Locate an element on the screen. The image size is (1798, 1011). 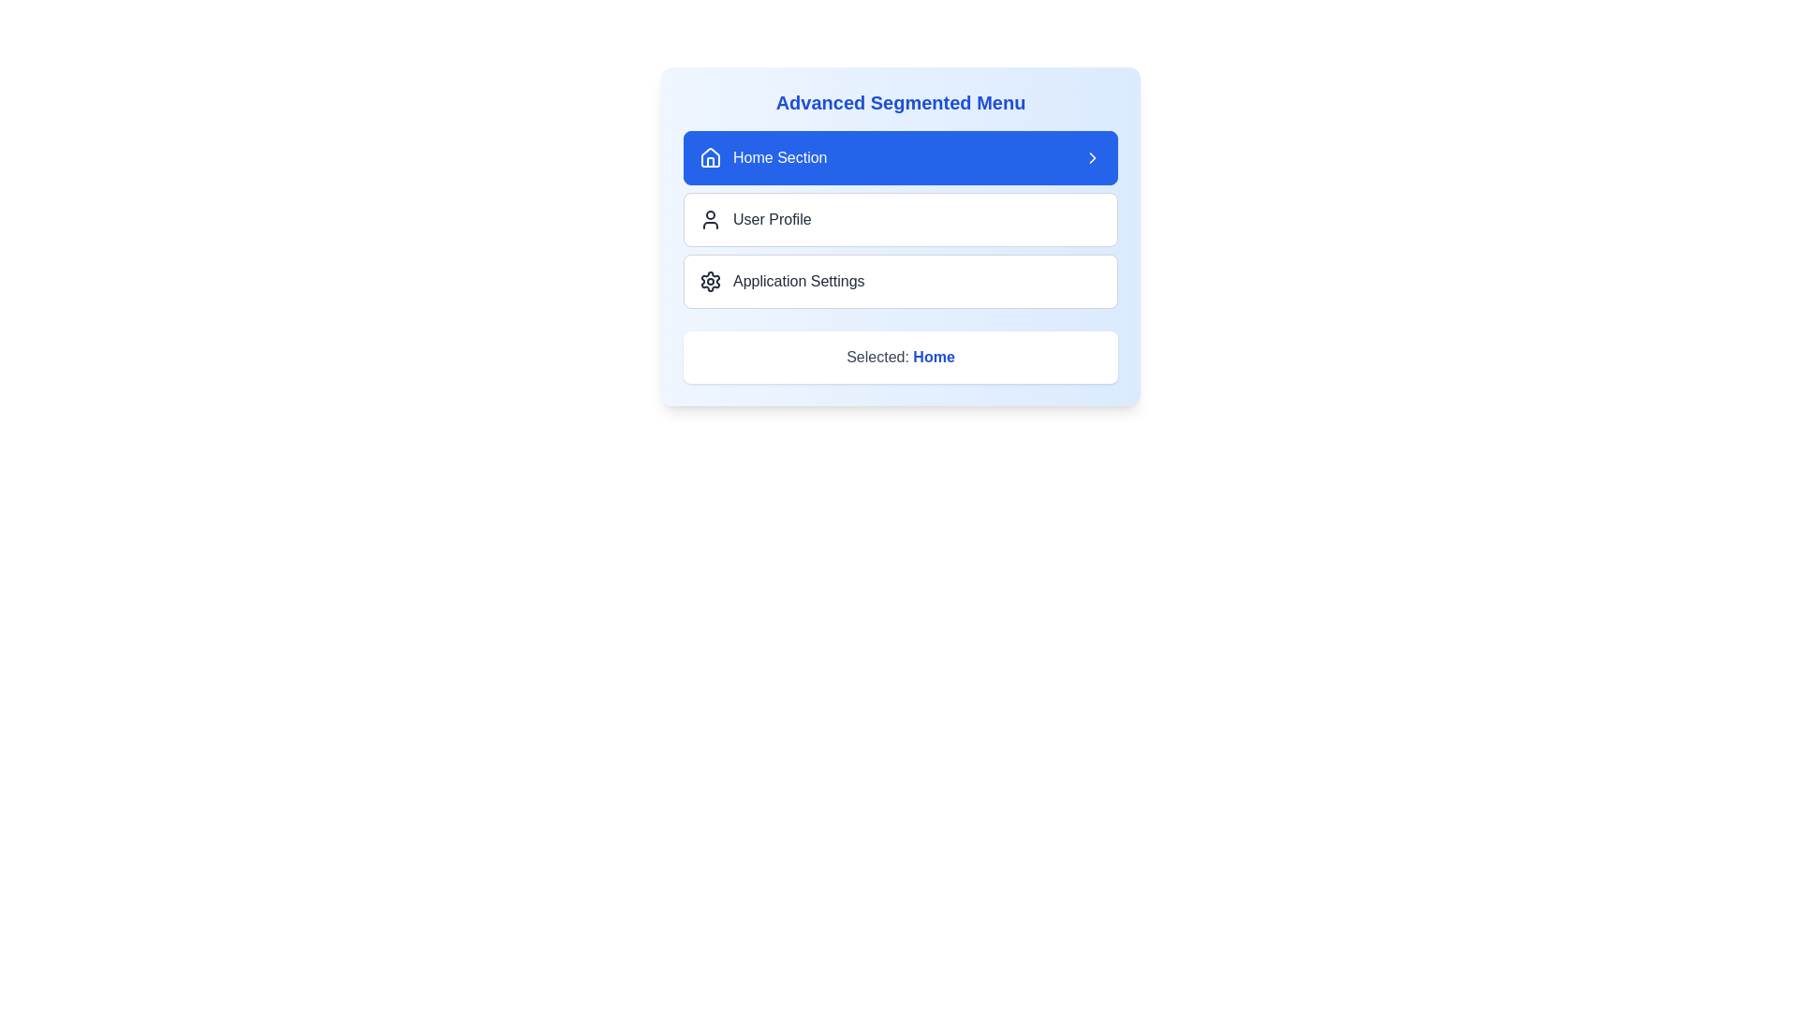
the third button labeled 'Application Settings' located in the 'Advanced Segmented Menu' is located at coordinates (900, 281).